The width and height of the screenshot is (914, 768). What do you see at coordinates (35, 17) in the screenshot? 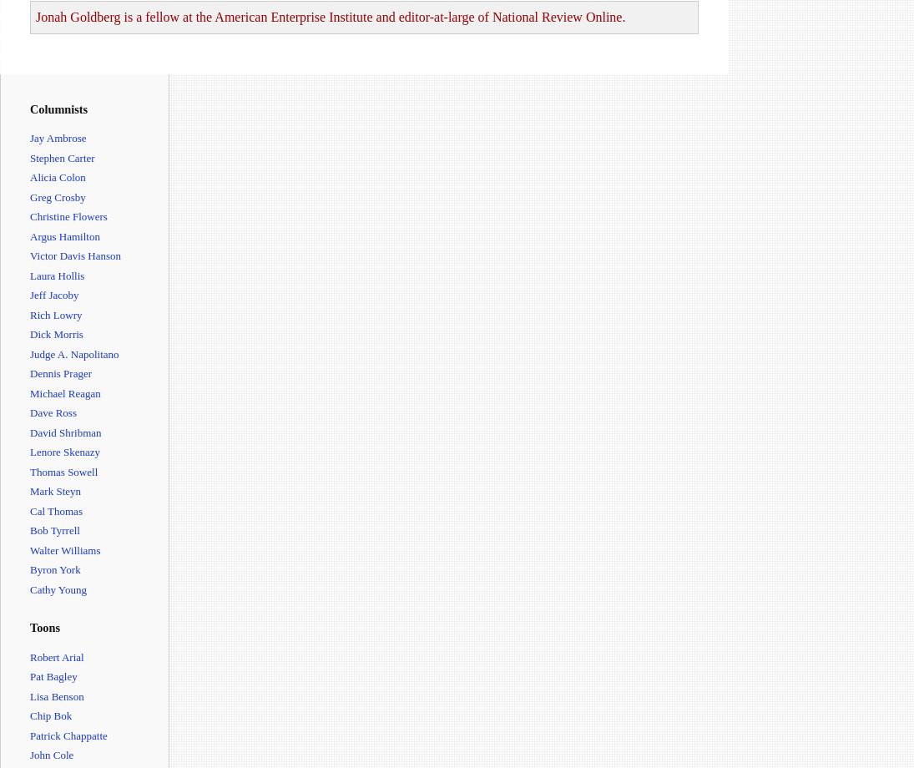
I see `'Jonah Goldberg is a fellow at the American Enterprise Institute and editor-at-large of National Review Online.'` at bounding box center [35, 17].